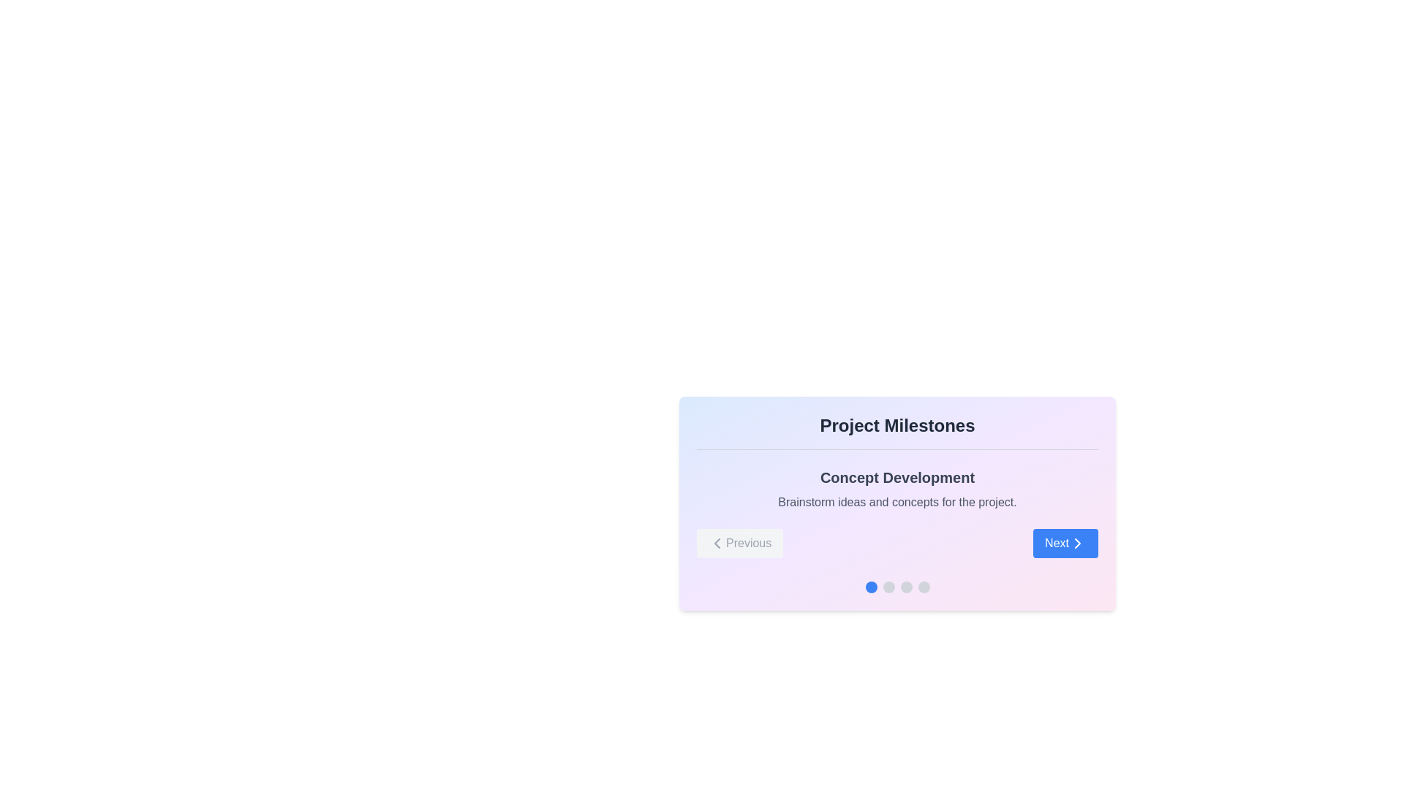 The height and width of the screenshot is (789, 1404). What do you see at coordinates (1077, 544) in the screenshot?
I see `the blue 'Next' button located in the bottom-right section of the visible card, which contains a right-chevron icon` at bounding box center [1077, 544].